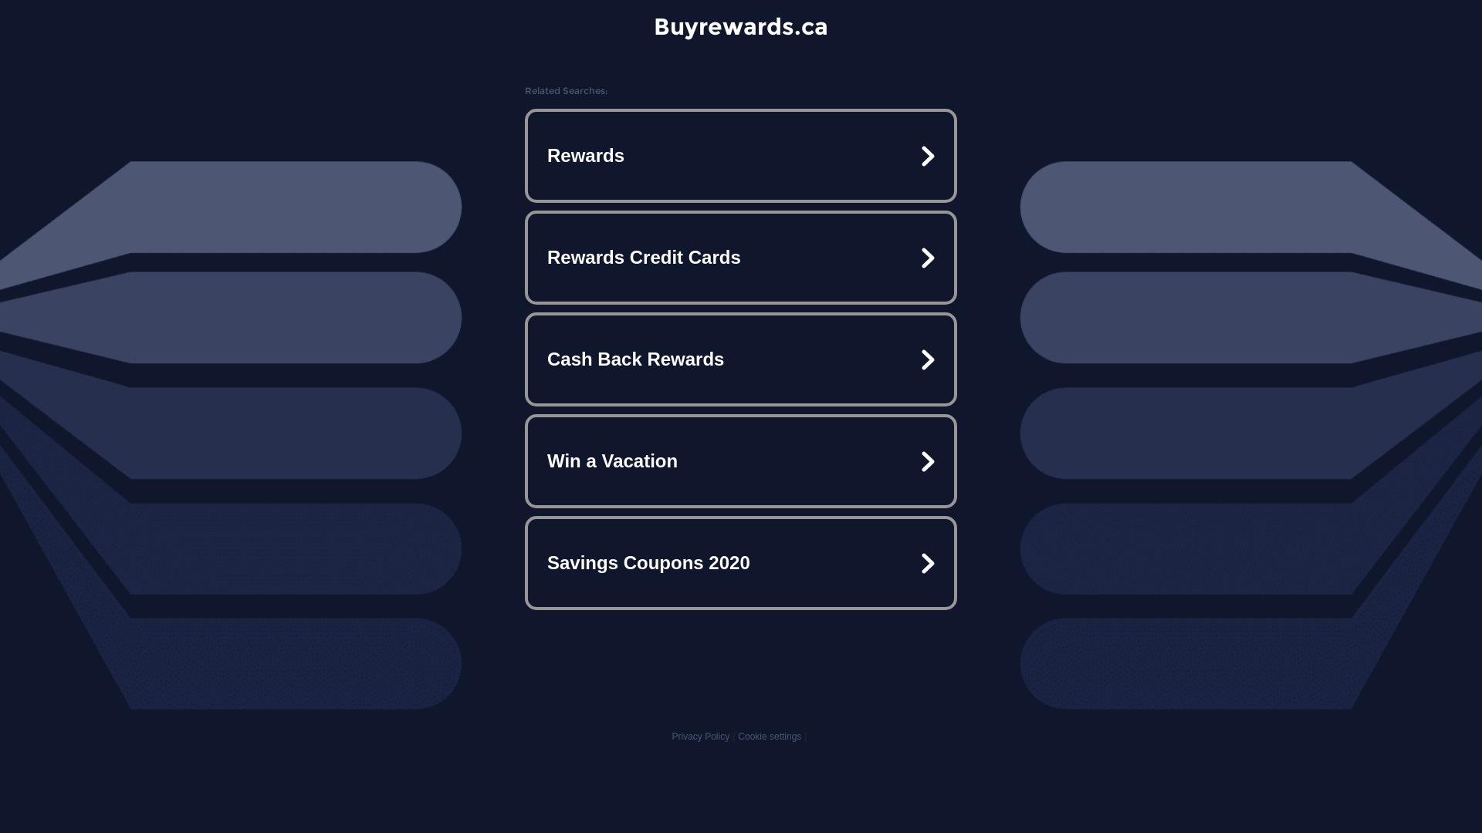 The width and height of the screenshot is (1482, 833). Describe the element at coordinates (741, 359) in the screenshot. I see `'Cash Back Rewards'` at that location.